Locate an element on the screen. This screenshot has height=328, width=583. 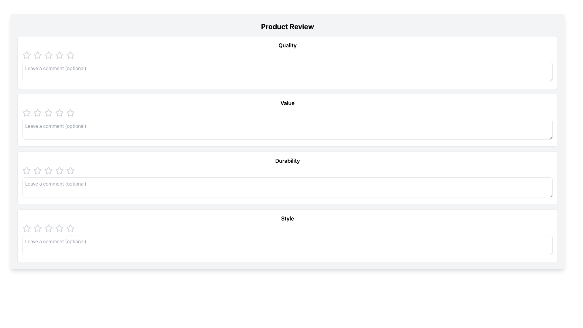
interactive styling of the sixth star icon in the rating system located in the 'Style' section of the product review interface is located at coordinates (70, 228).